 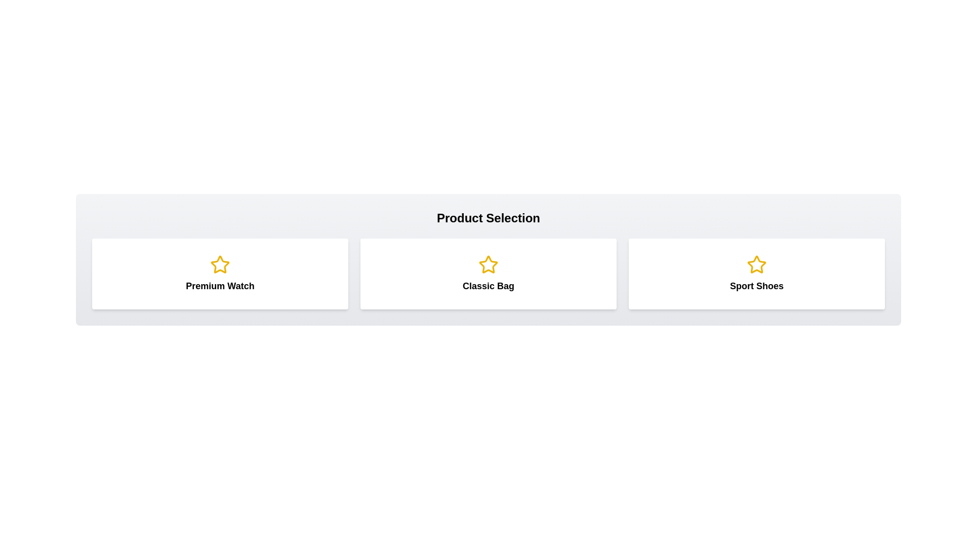 What do you see at coordinates (220, 264) in the screenshot?
I see `the favorite icon for the 'Premium Watch' product located in the leftmost card under the 'Product Selection' heading` at bounding box center [220, 264].